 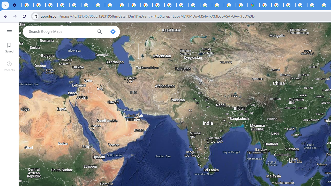 What do you see at coordinates (112, 32) in the screenshot?
I see `'Directions'` at bounding box center [112, 32].